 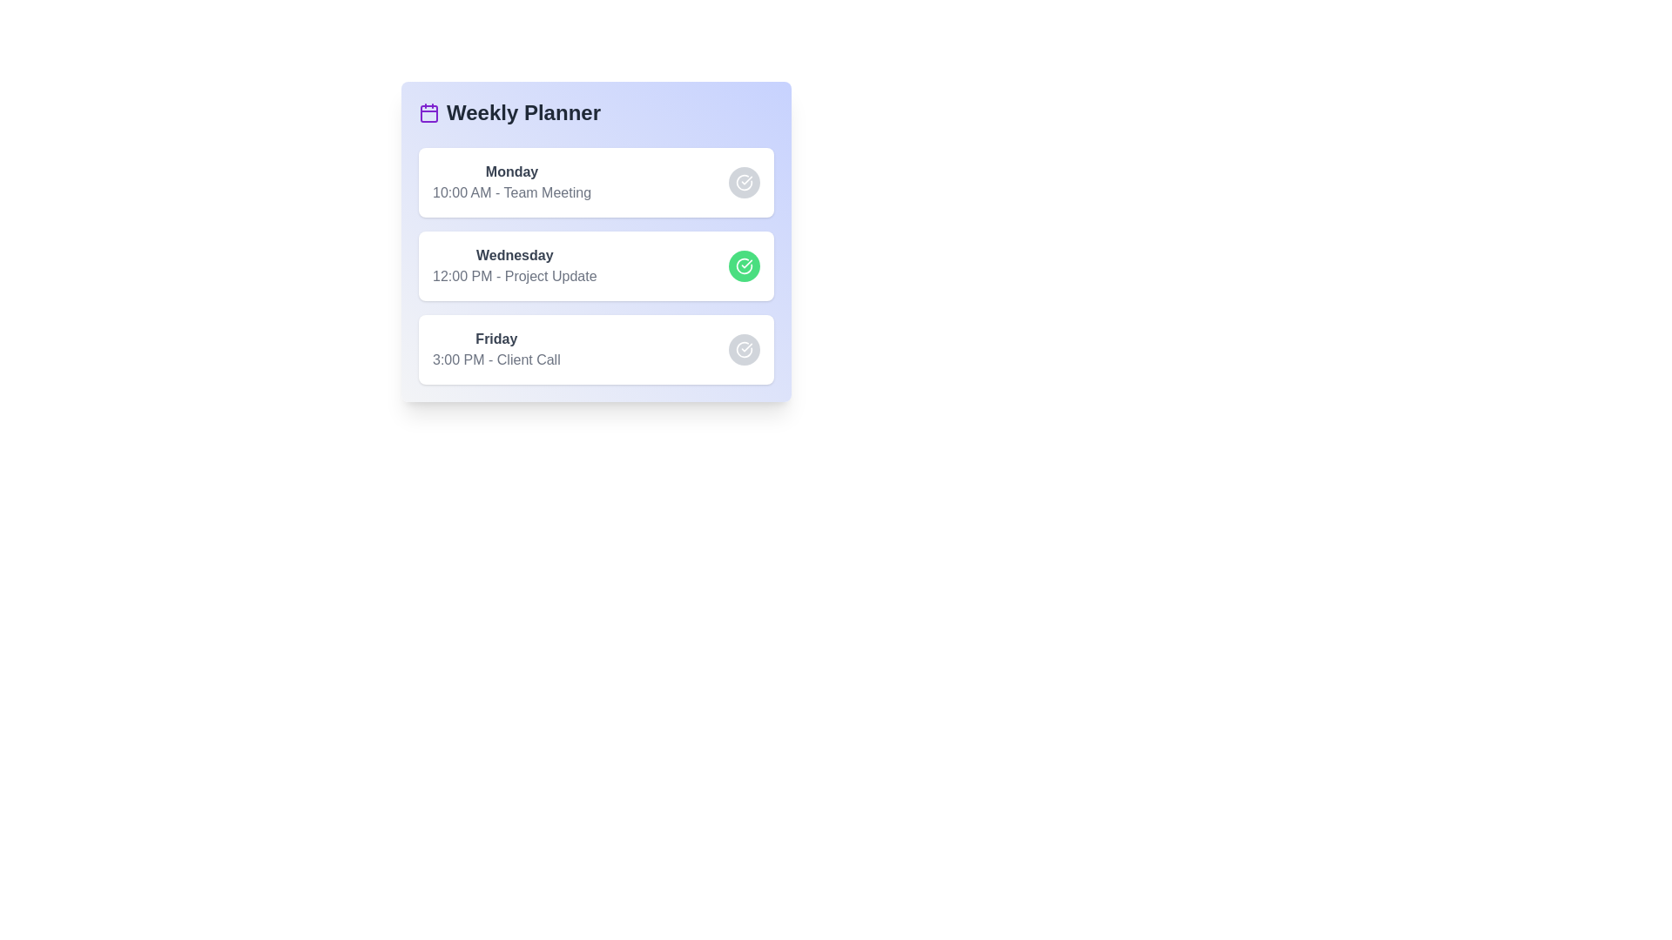 I want to click on the circular button next to the task corresponding to Wednesday - Project Update, so click(x=744, y=265).